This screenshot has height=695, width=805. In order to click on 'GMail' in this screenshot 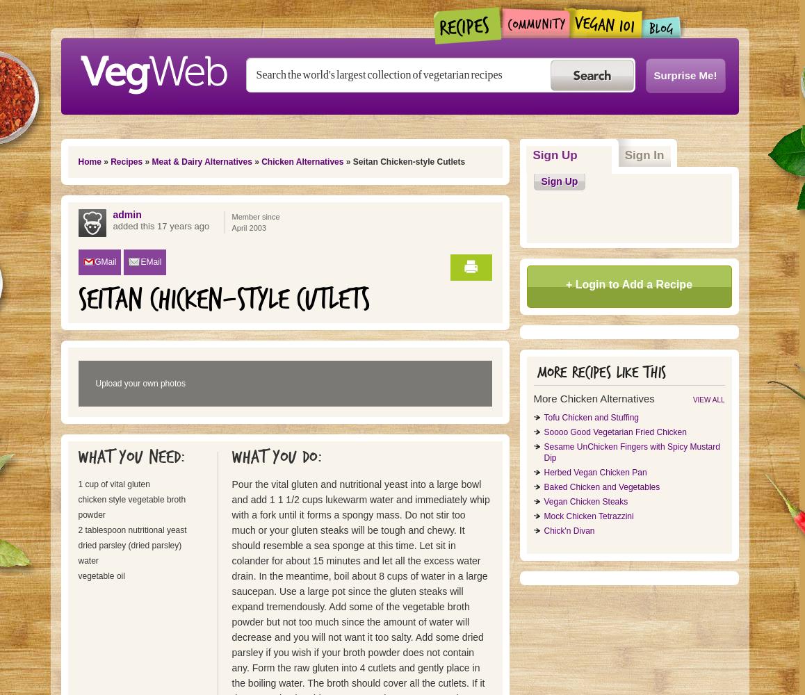, I will do `click(104, 262)`.